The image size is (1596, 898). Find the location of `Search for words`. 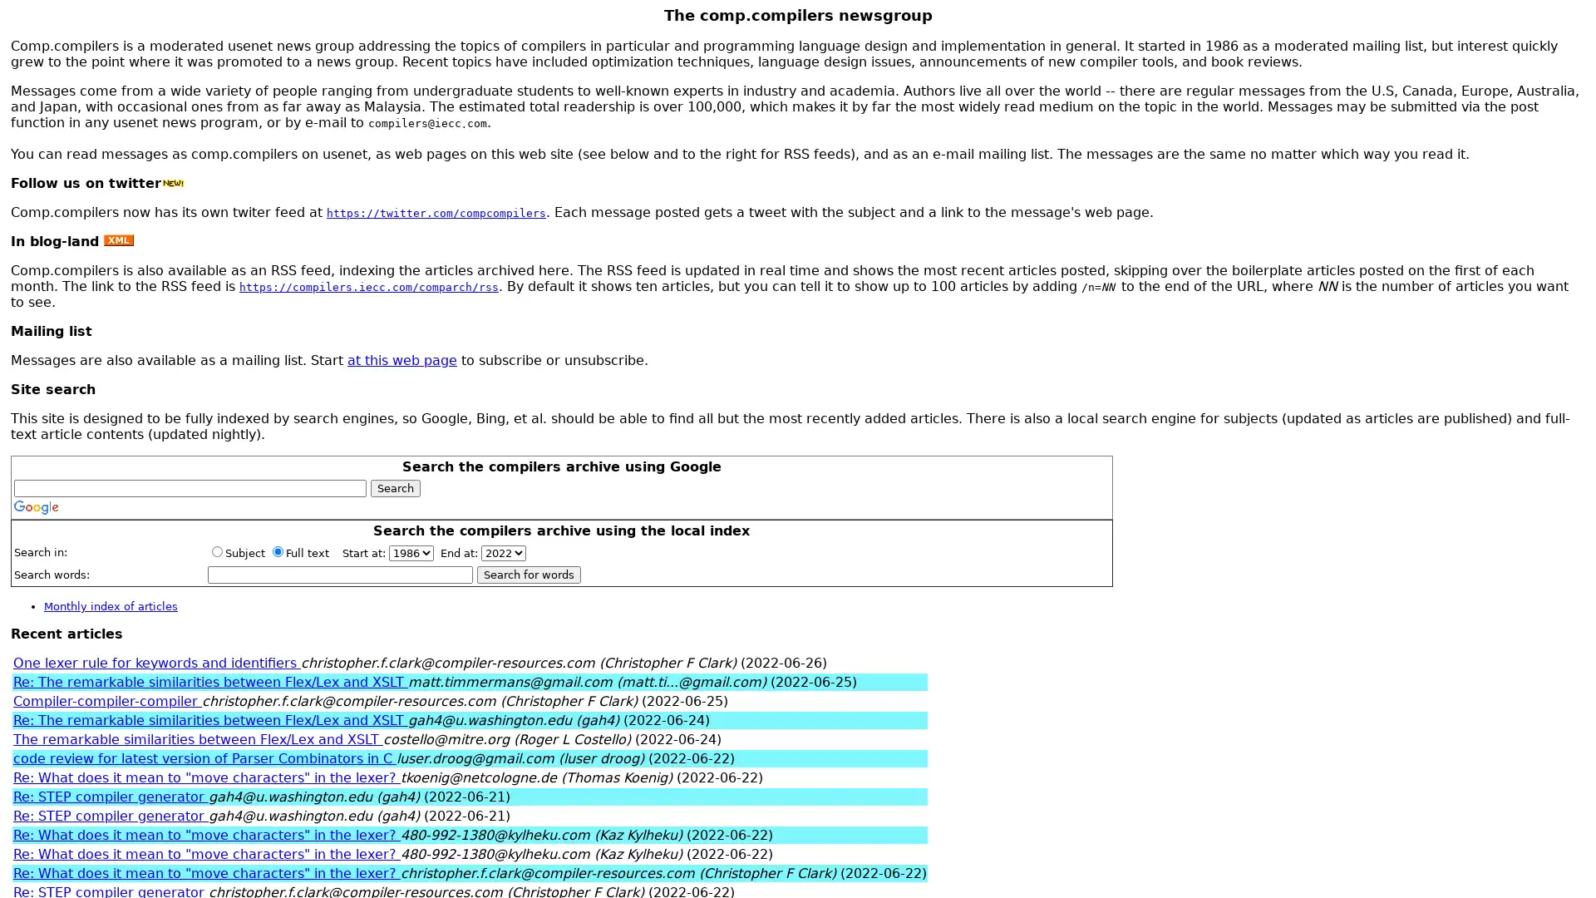

Search for words is located at coordinates (528, 573).